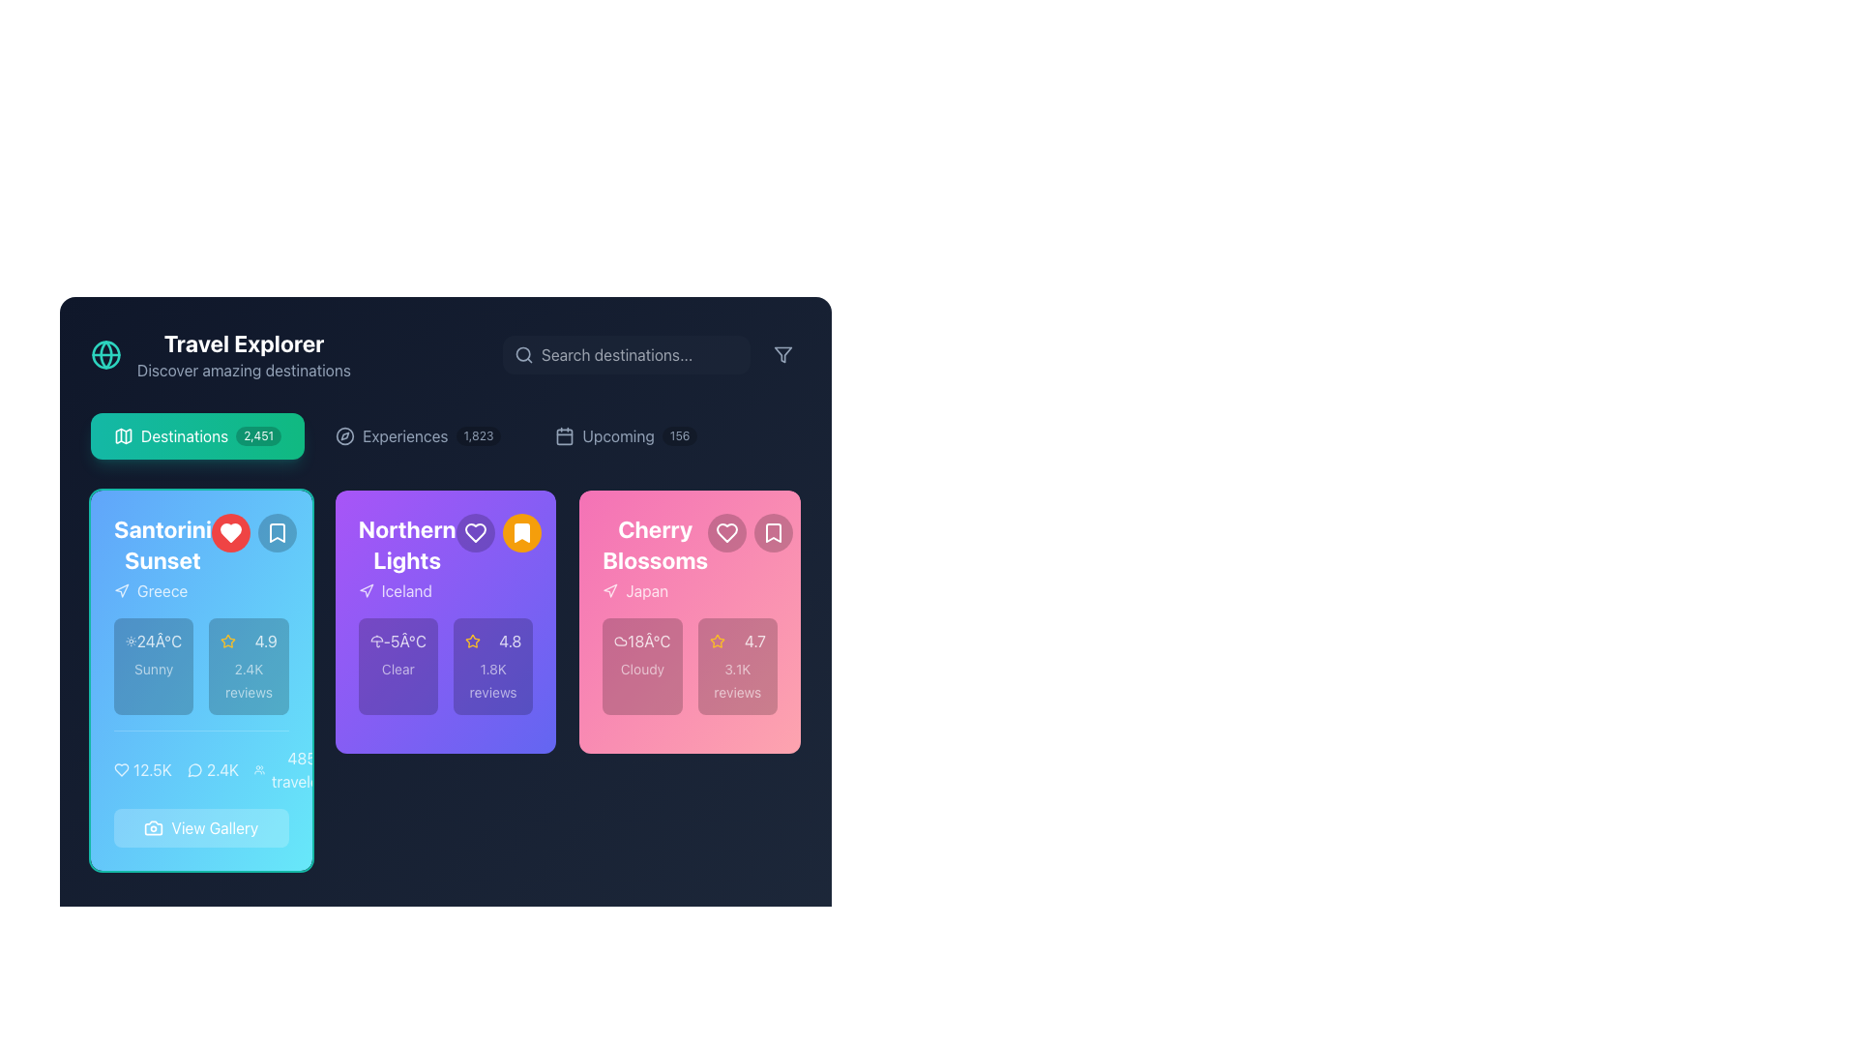 The width and height of the screenshot is (1857, 1045). What do you see at coordinates (123, 436) in the screenshot?
I see `the visual style of the small, square map icon that is styled as an SVG graphic, located beside the text label 'Destinations'` at bounding box center [123, 436].